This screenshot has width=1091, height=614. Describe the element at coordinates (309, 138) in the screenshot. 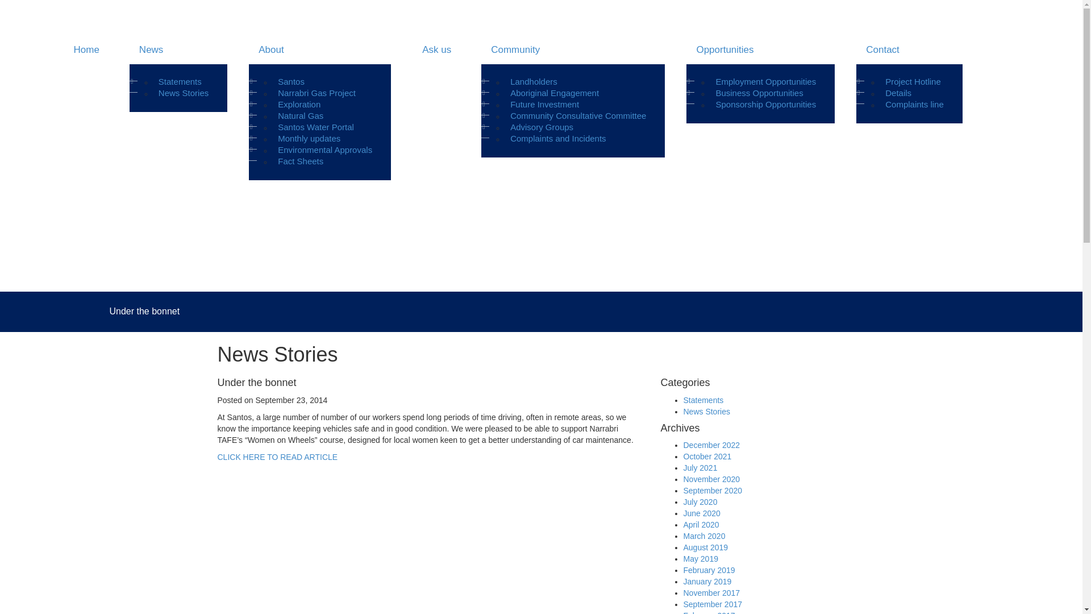

I see `'Monthly updates'` at that location.